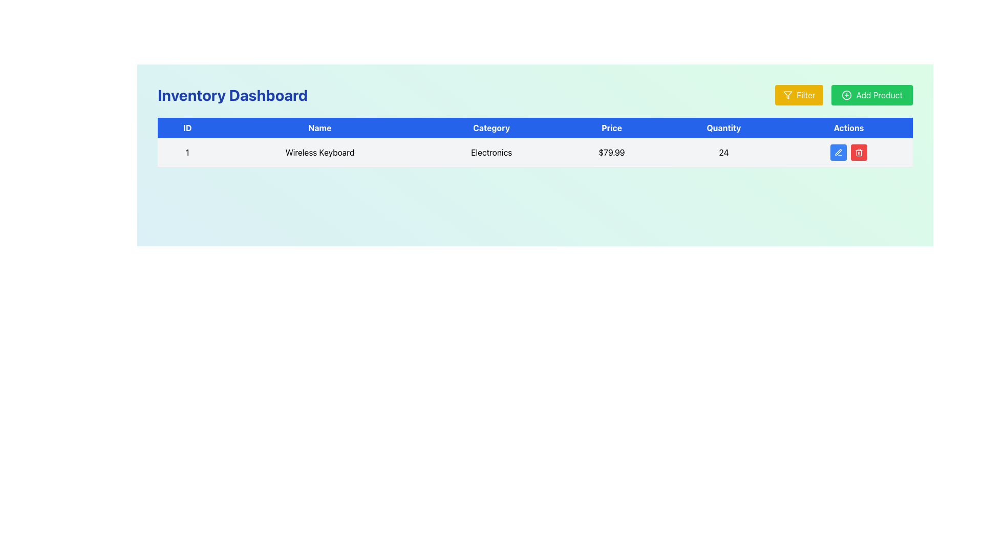  I want to click on the 'Category' text label which has white text on a blue background, located in the header bar of the table, so click(491, 127).